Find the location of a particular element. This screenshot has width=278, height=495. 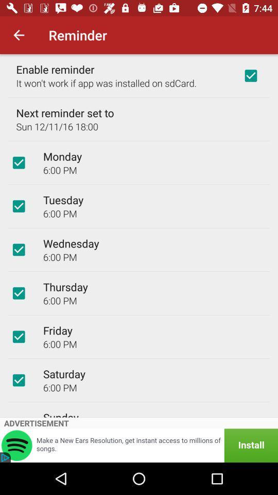

reminder day and time is located at coordinates (19, 293).